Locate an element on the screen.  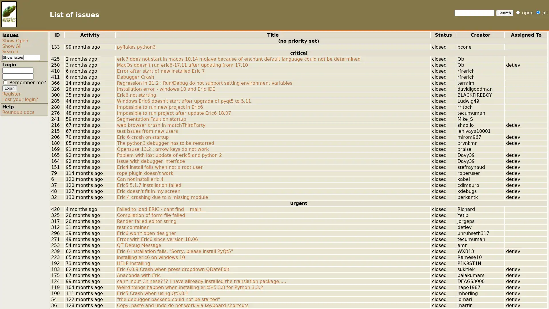
Search is located at coordinates (505, 13).